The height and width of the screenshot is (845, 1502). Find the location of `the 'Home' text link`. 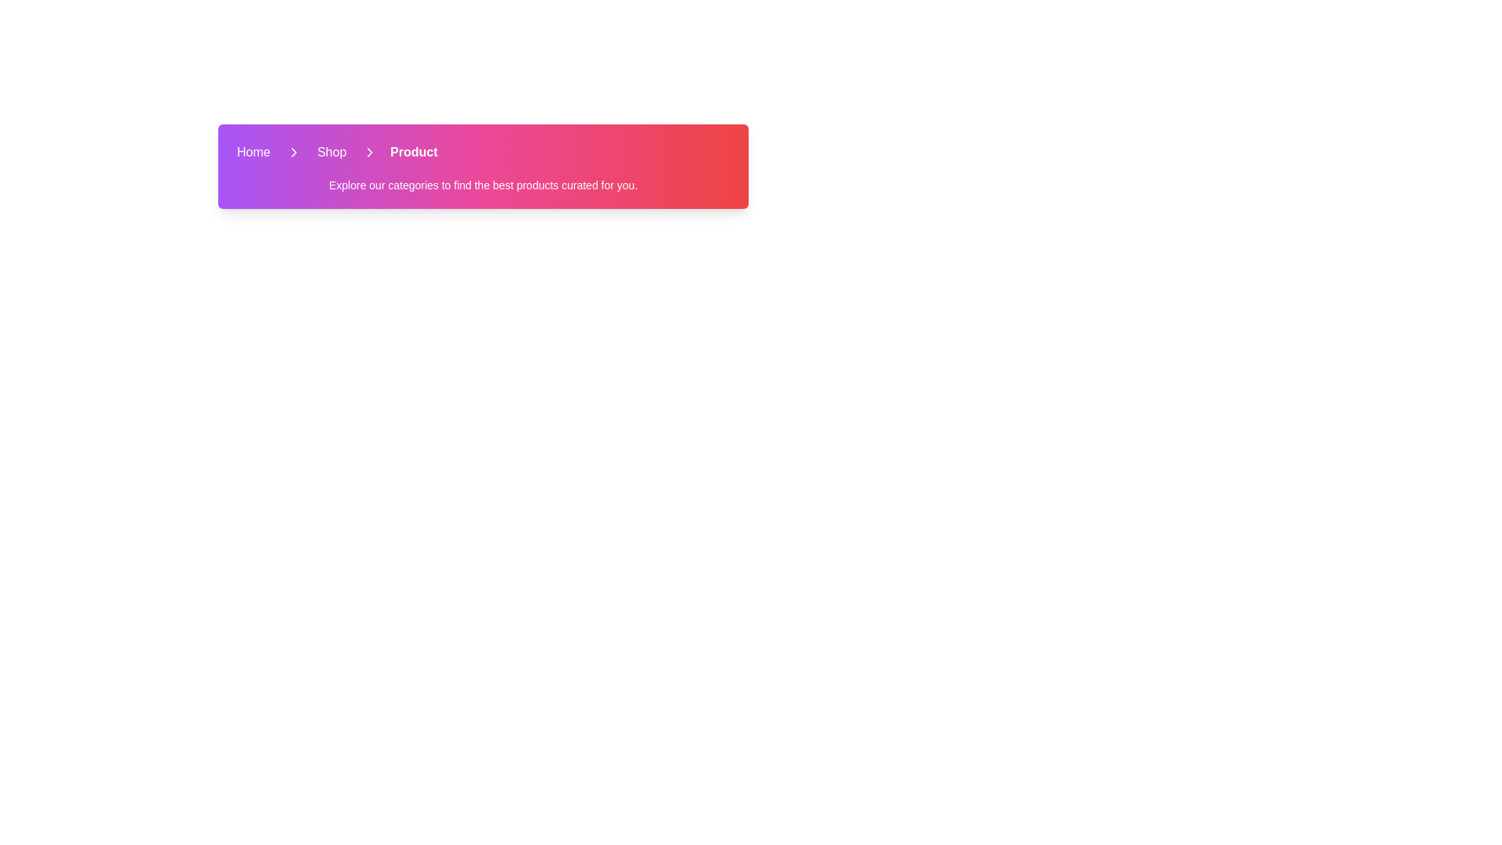

the 'Home' text link is located at coordinates (253, 153).